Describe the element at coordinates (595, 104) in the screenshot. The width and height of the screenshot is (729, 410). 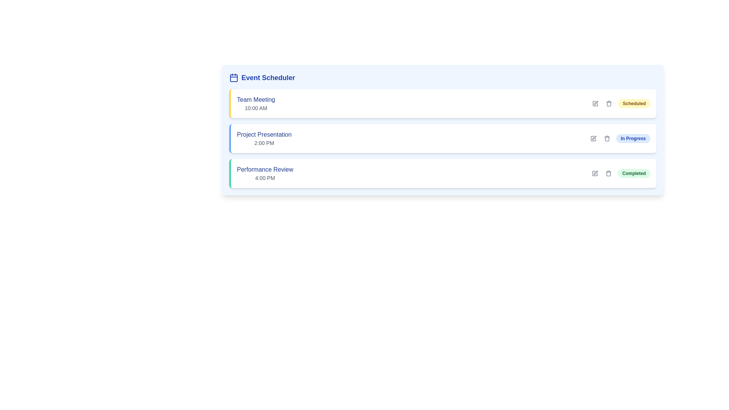
I see `the Edit Button (Icon Button) located on the right-hand side of the top row in the 'Scheduled' events list, positioned immediately to the left of the 'delete' icon` at that location.